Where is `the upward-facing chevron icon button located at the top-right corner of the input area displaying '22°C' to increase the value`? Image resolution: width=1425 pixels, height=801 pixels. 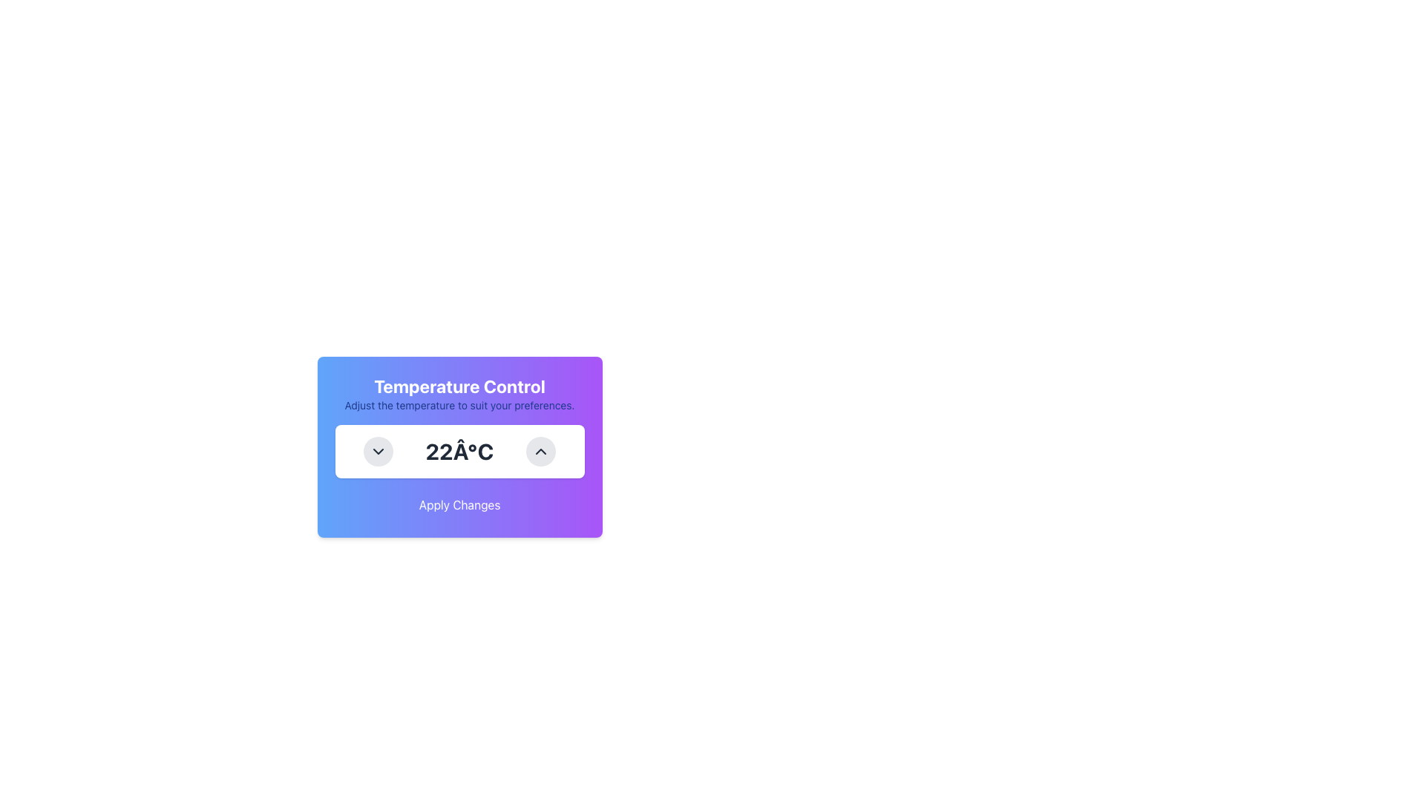 the upward-facing chevron icon button located at the top-right corner of the input area displaying '22°C' to increase the value is located at coordinates (540, 451).